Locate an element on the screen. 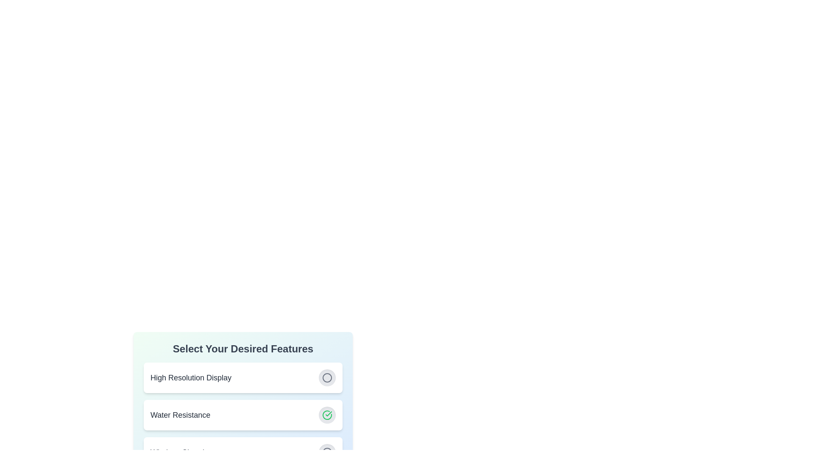 This screenshot has width=814, height=458. the inner circle of the SVG icon associated with the 'High Resolution Display' feature selection list for visual cues is located at coordinates (327, 377).